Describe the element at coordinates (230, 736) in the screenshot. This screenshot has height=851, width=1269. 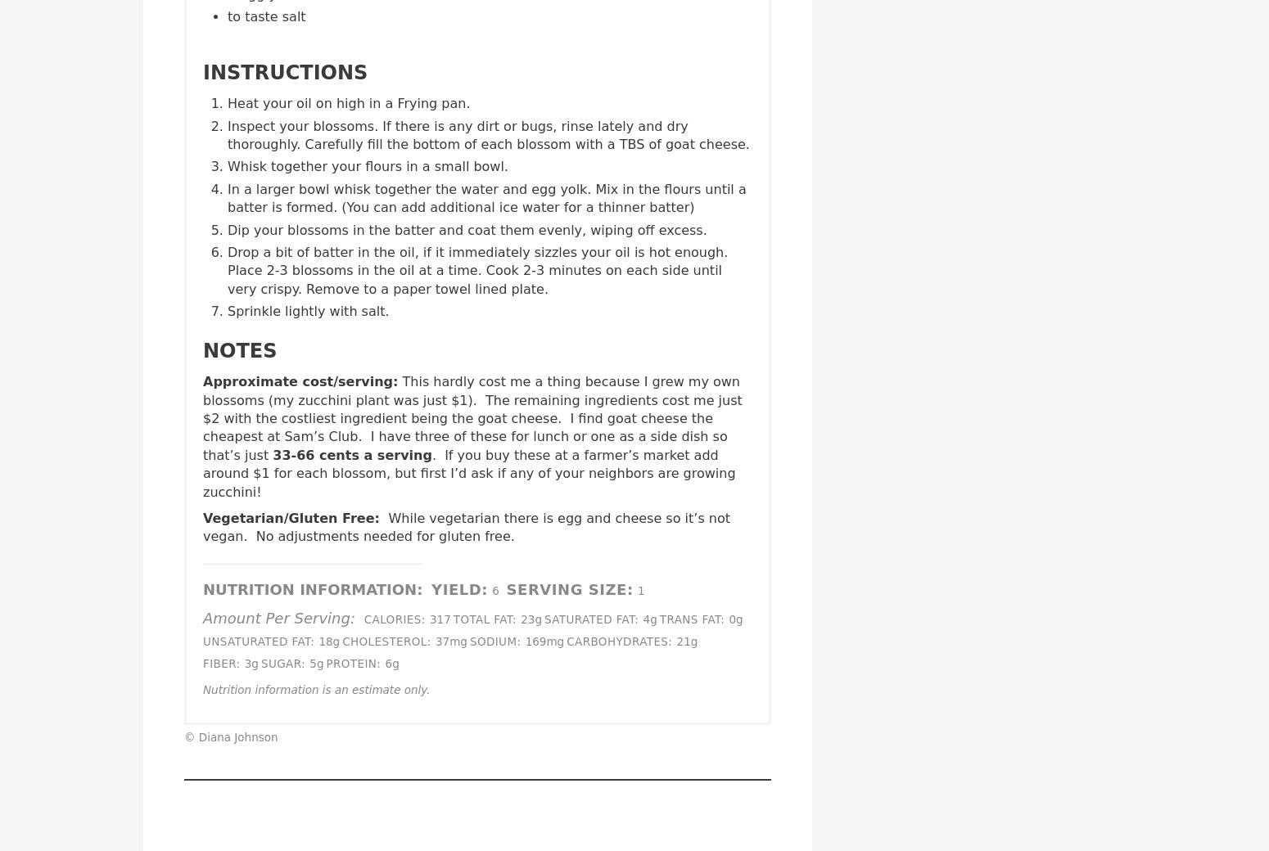
I see `'© Diana Johnson'` at that location.